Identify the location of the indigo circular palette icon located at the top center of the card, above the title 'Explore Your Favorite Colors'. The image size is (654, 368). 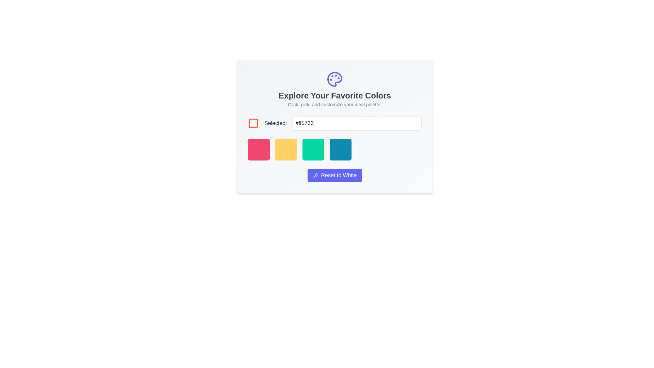
(335, 79).